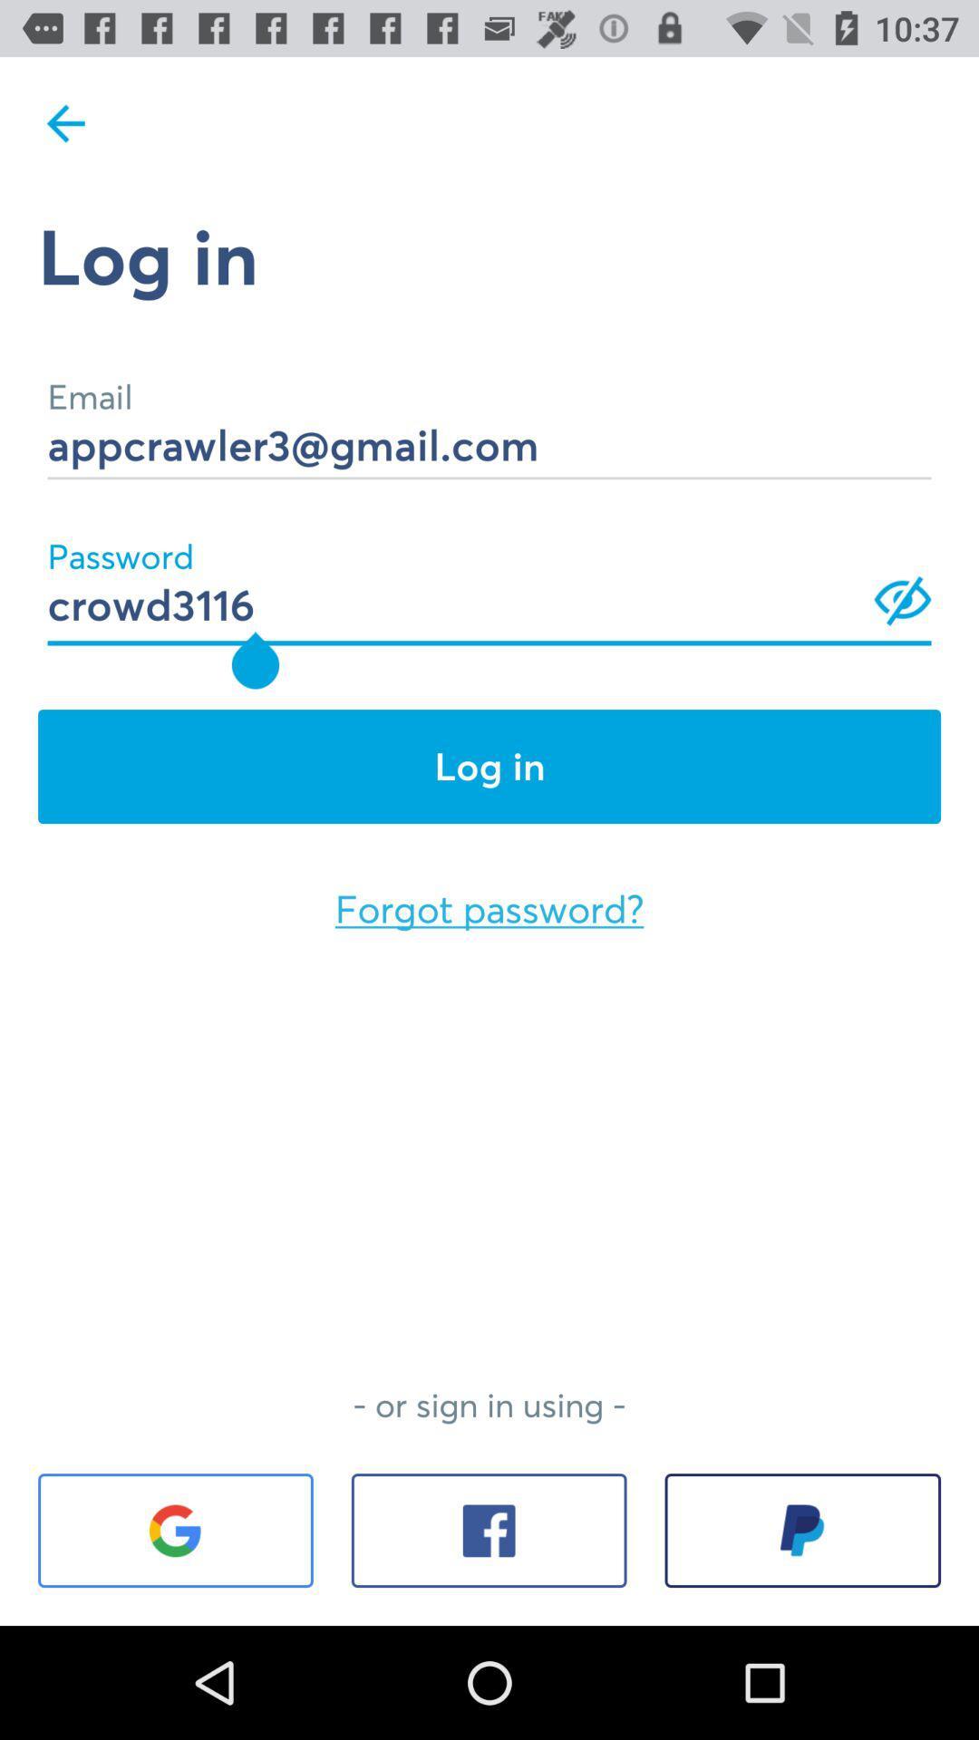 The width and height of the screenshot is (979, 1740). What do you see at coordinates (489, 419) in the screenshot?
I see `appcrawler3@gmail.com` at bounding box center [489, 419].